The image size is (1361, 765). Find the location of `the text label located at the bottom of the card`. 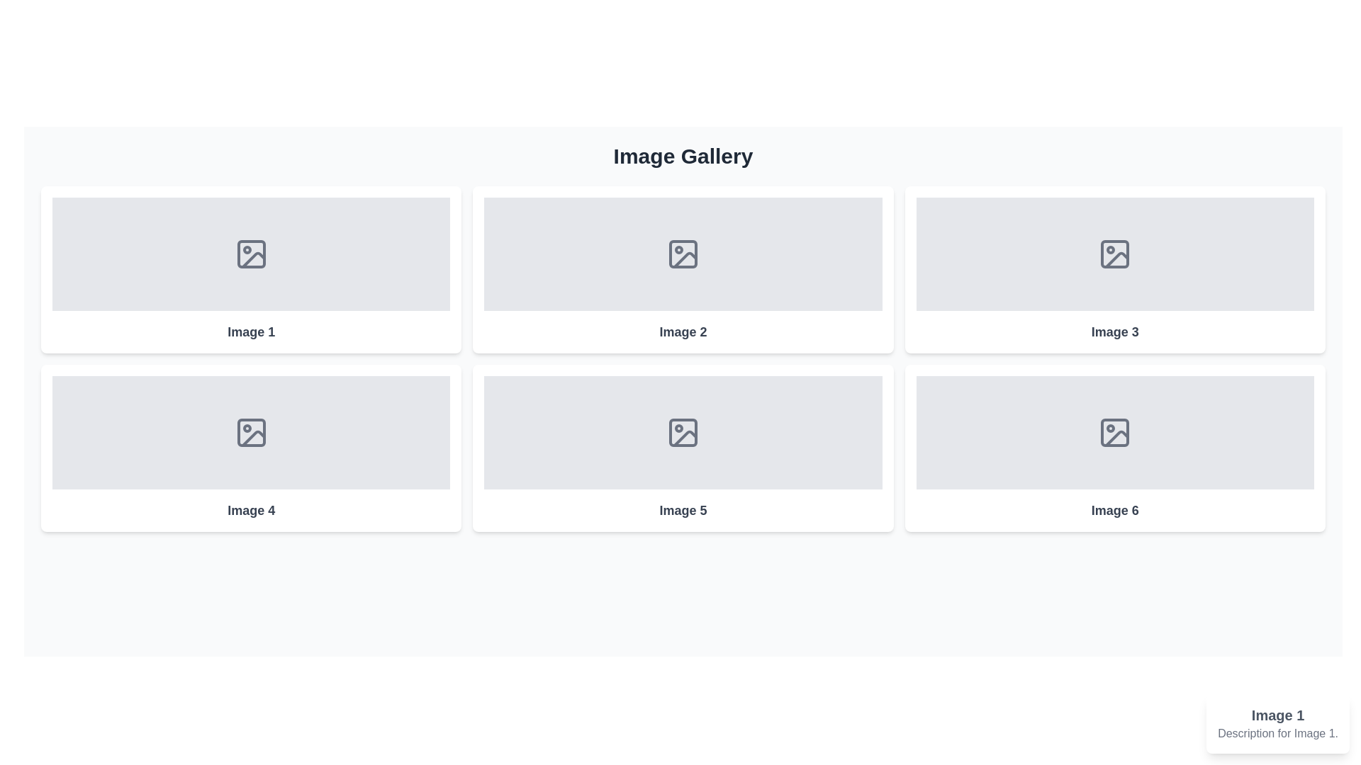

the text label located at the bottom of the card is located at coordinates (683, 332).